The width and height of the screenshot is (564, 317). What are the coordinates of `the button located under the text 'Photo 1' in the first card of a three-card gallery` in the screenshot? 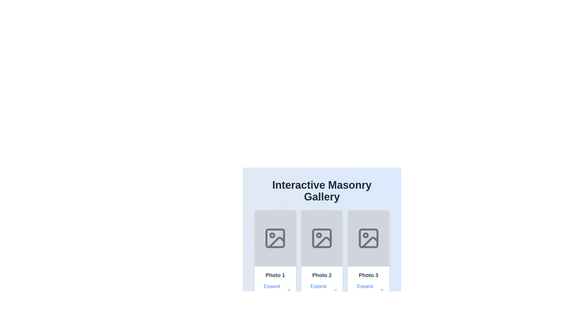 It's located at (275, 289).